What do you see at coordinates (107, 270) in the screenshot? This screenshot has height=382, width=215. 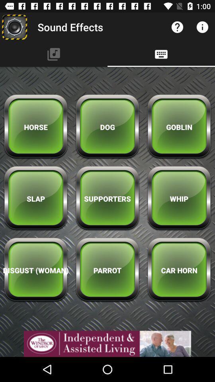 I see `parrot` at bounding box center [107, 270].